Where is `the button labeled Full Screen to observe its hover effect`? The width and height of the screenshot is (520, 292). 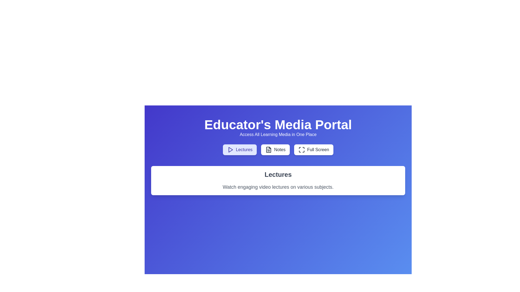 the button labeled Full Screen to observe its hover effect is located at coordinates (314, 150).